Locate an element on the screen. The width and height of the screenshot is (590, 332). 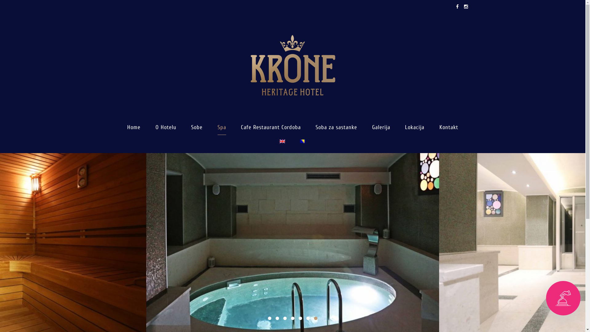
'Instagram' is located at coordinates (465, 7).